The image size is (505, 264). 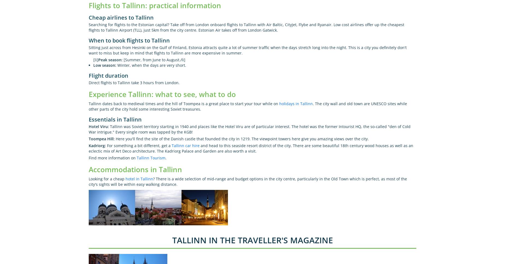 What do you see at coordinates (129, 40) in the screenshot?
I see `'When to book flights to Tallinn'` at bounding box center [129, 40].